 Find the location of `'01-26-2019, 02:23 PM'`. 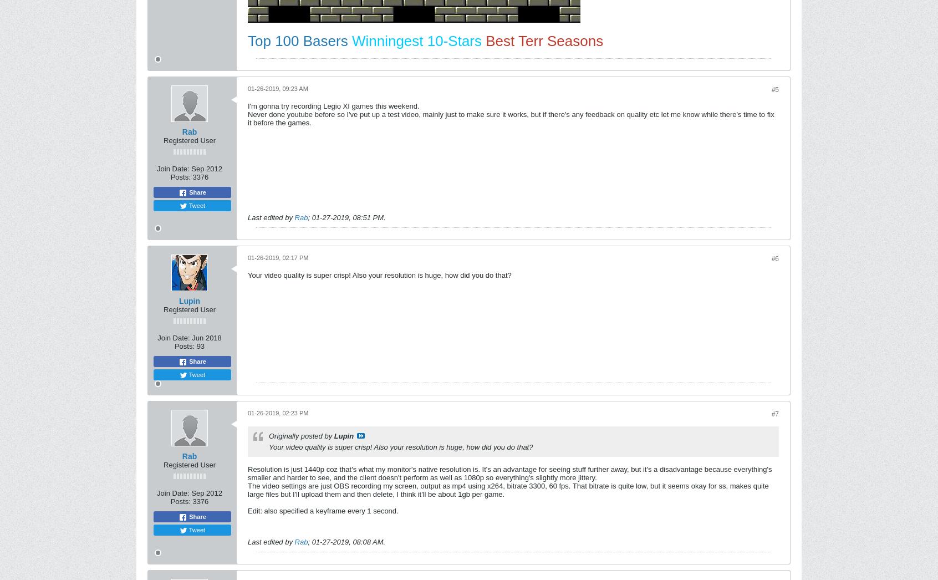

'01-26-2019, 02:23 PM' is located at coordinates (278, 412).